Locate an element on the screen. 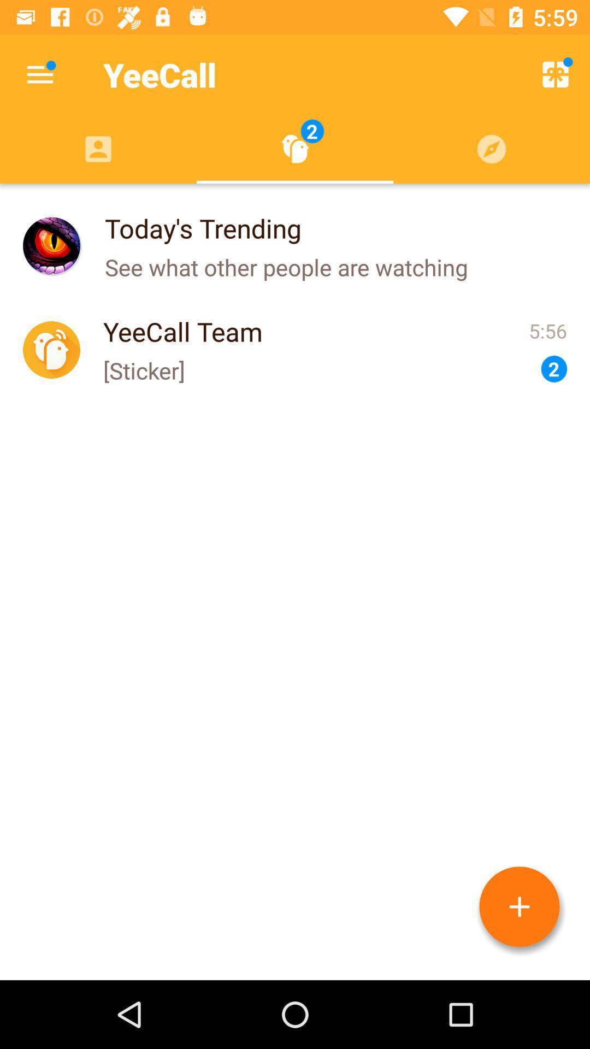 This screenshot has height=1049, width=590. the item below the 2 icon is located at coordinates (519, 906).